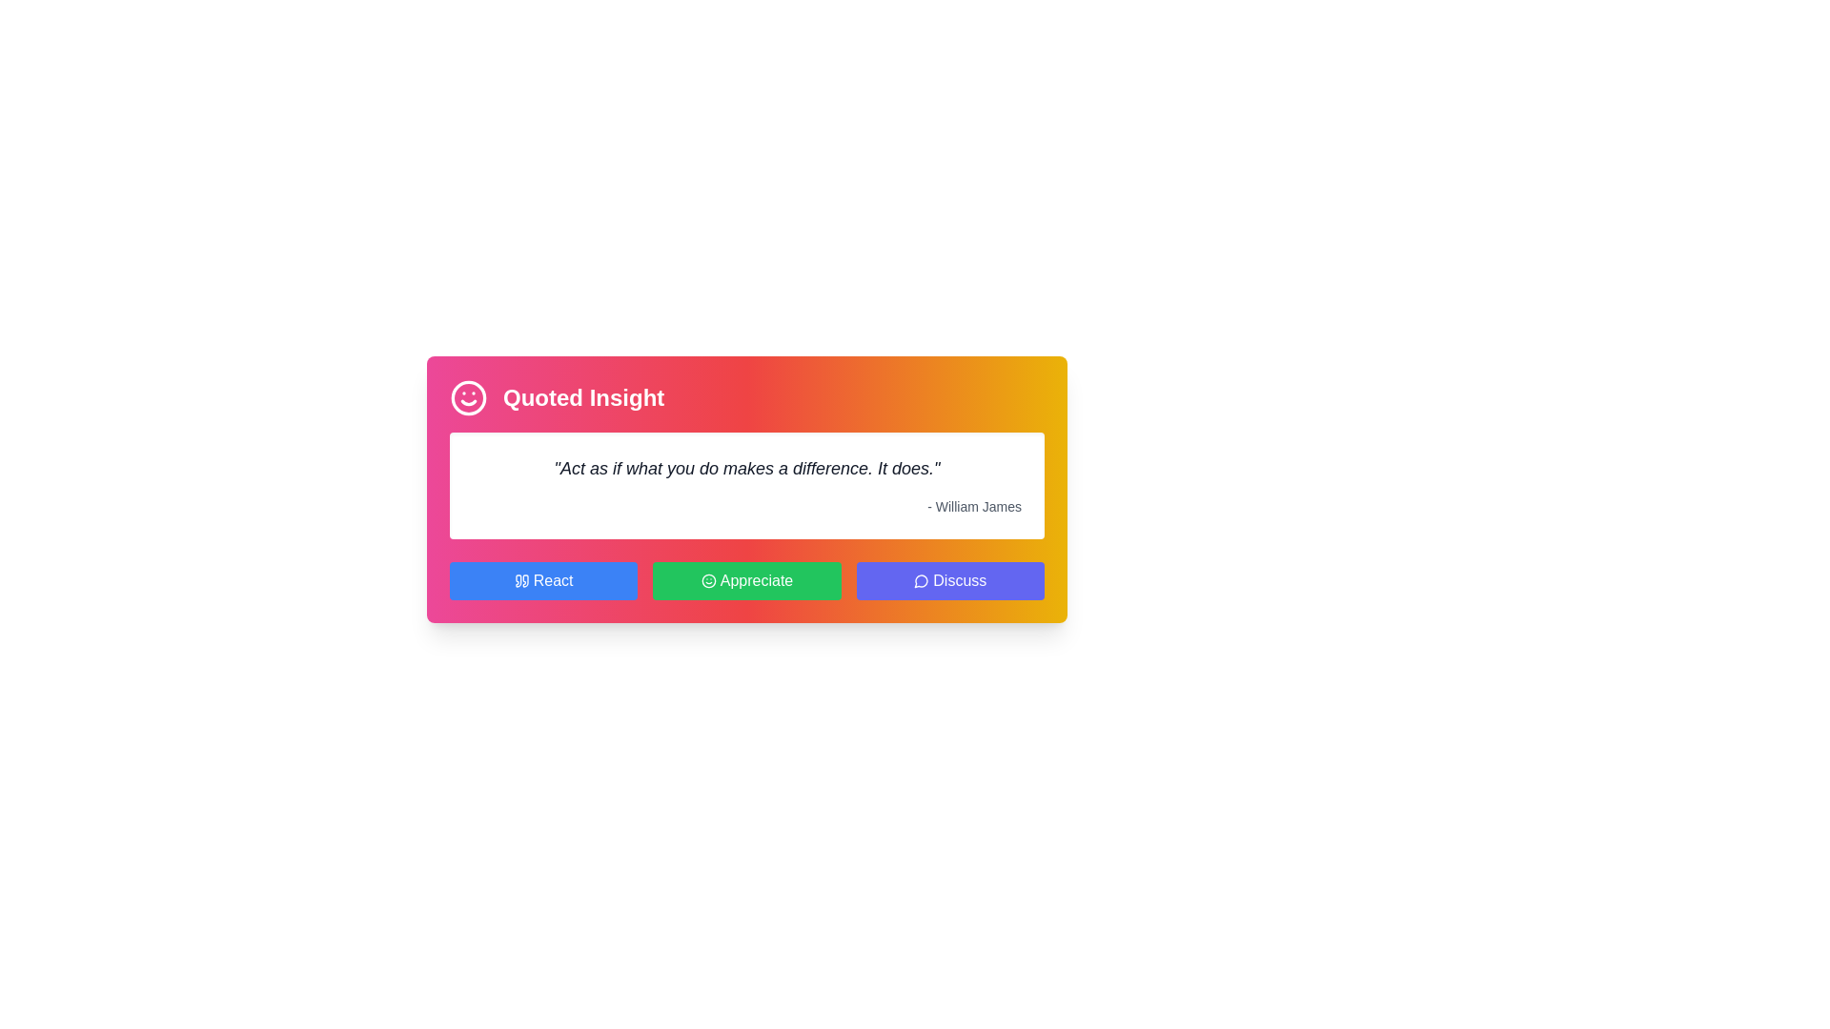 This screenshot has width=1830, height=1029. I want to click on the second quotation mark icon located in the top-left corner of the card, which enhances the visual theme of the quoted text below, so click(518, 579).